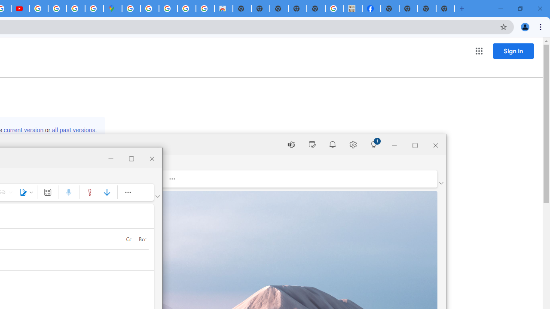 The height and width of the screenshot is (309, 550). Describe the element at coordinates (90, 191) in the screenshot. I see `'High importance'` at that location.